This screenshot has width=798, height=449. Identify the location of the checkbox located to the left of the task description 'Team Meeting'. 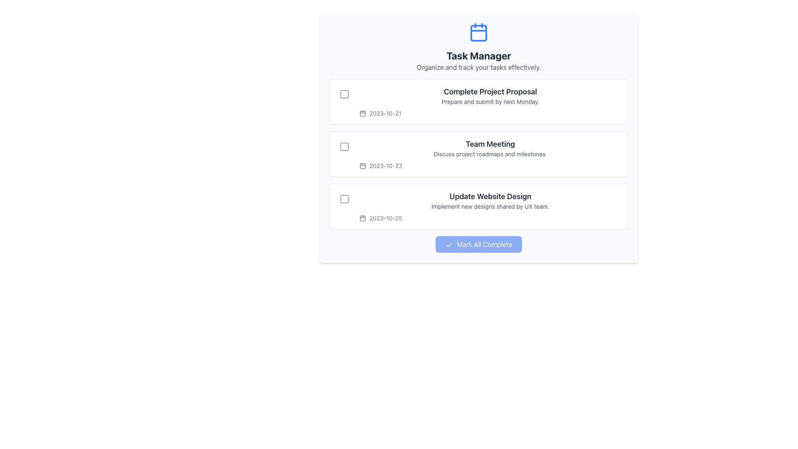
(345, 146).